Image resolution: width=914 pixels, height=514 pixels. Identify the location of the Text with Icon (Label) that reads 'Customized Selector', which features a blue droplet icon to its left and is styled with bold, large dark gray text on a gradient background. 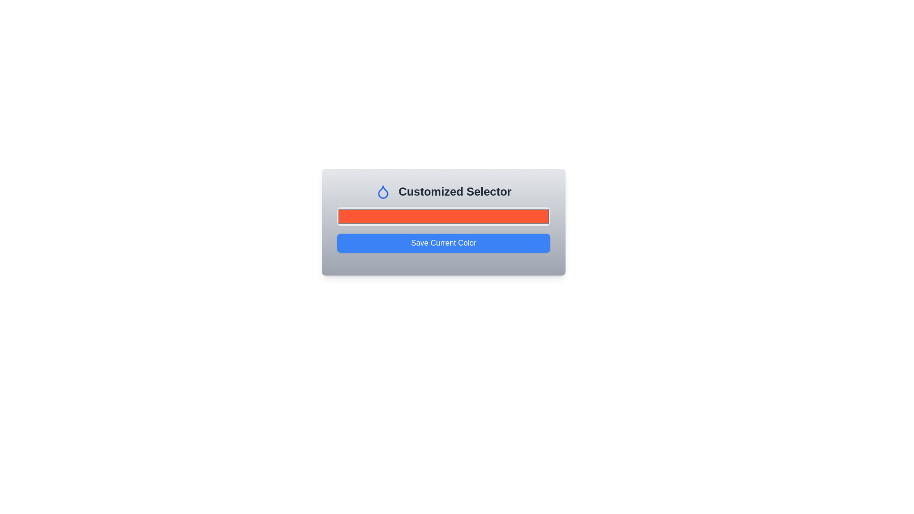
(443, 191).